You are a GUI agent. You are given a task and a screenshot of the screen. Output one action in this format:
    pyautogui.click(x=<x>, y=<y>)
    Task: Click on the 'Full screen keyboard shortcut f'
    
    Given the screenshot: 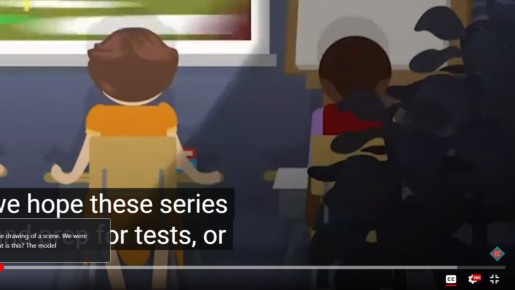 What is the action you would take?
    pyautogui.click(x=494, y=279)
    